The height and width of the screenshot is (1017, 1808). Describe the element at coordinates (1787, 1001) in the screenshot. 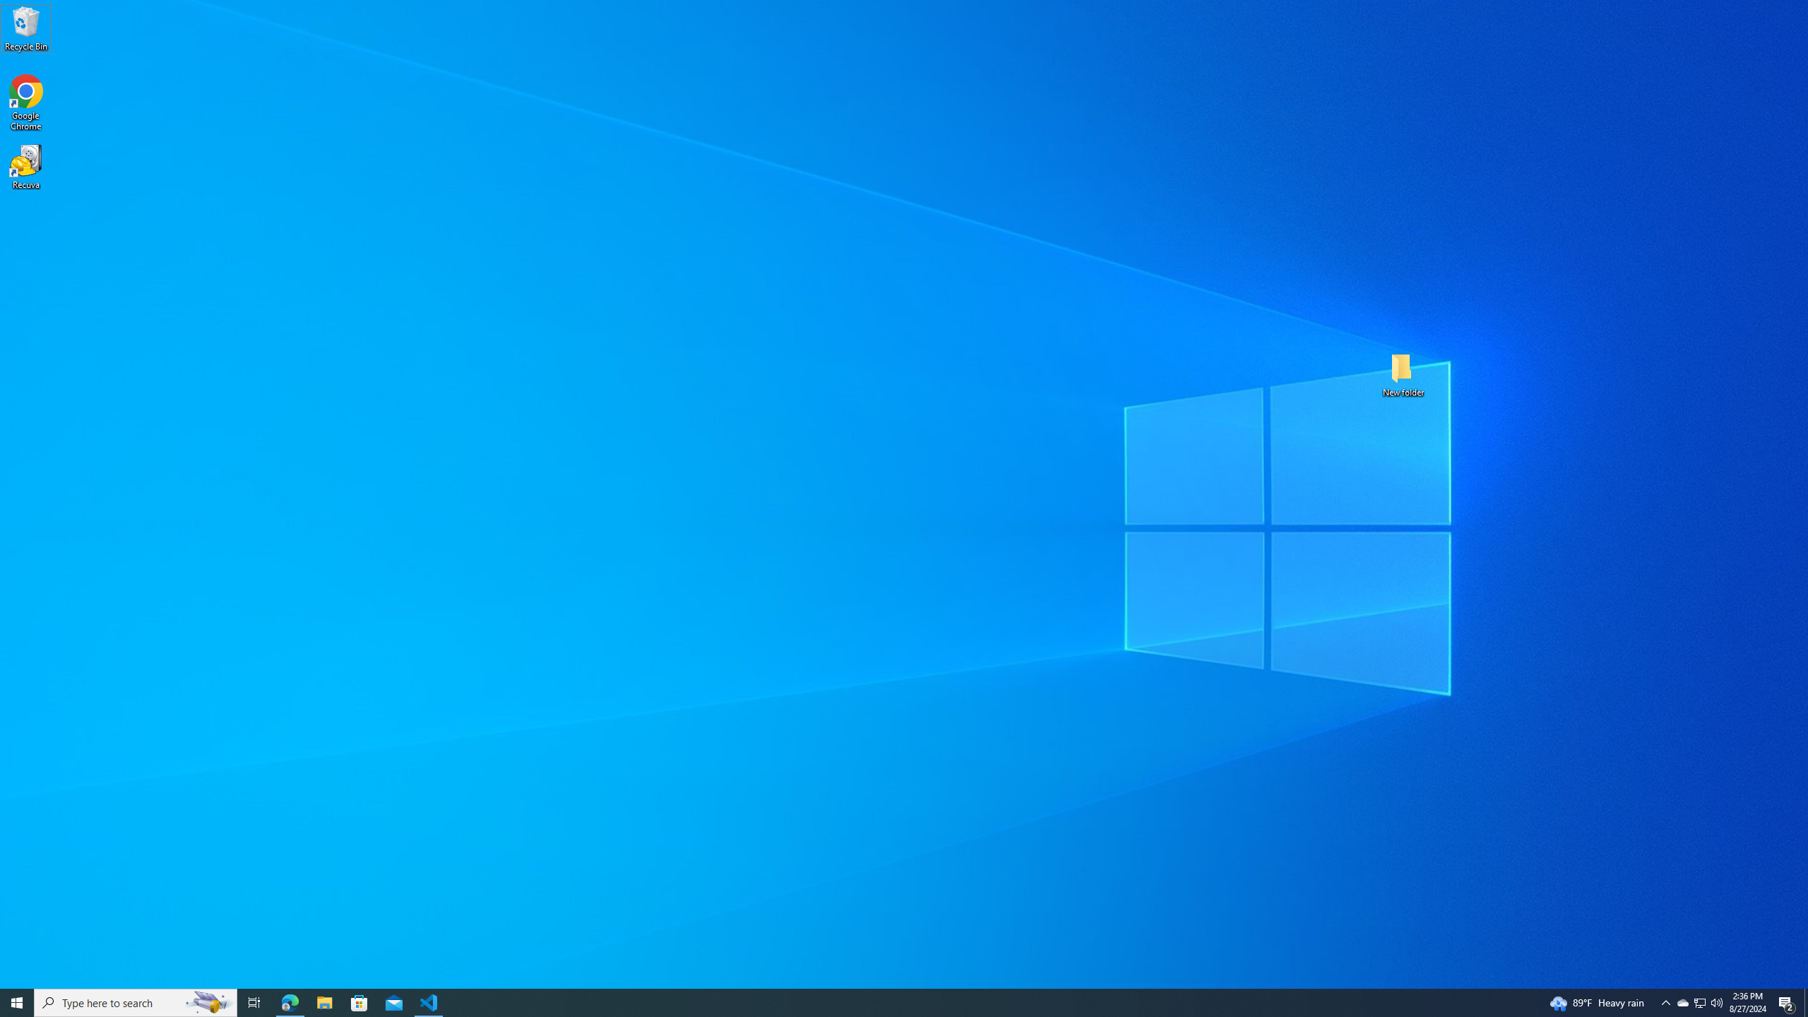

I see `'Action Center, 2 new notifications'` at that location.